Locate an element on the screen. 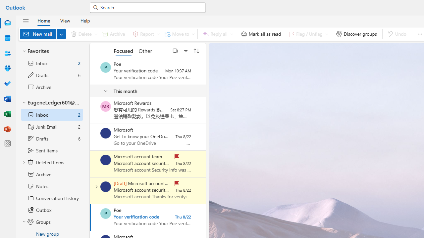 The width and height of the screenshot is (424, 238). 'Reply all' is located at coordinates (217, 34).